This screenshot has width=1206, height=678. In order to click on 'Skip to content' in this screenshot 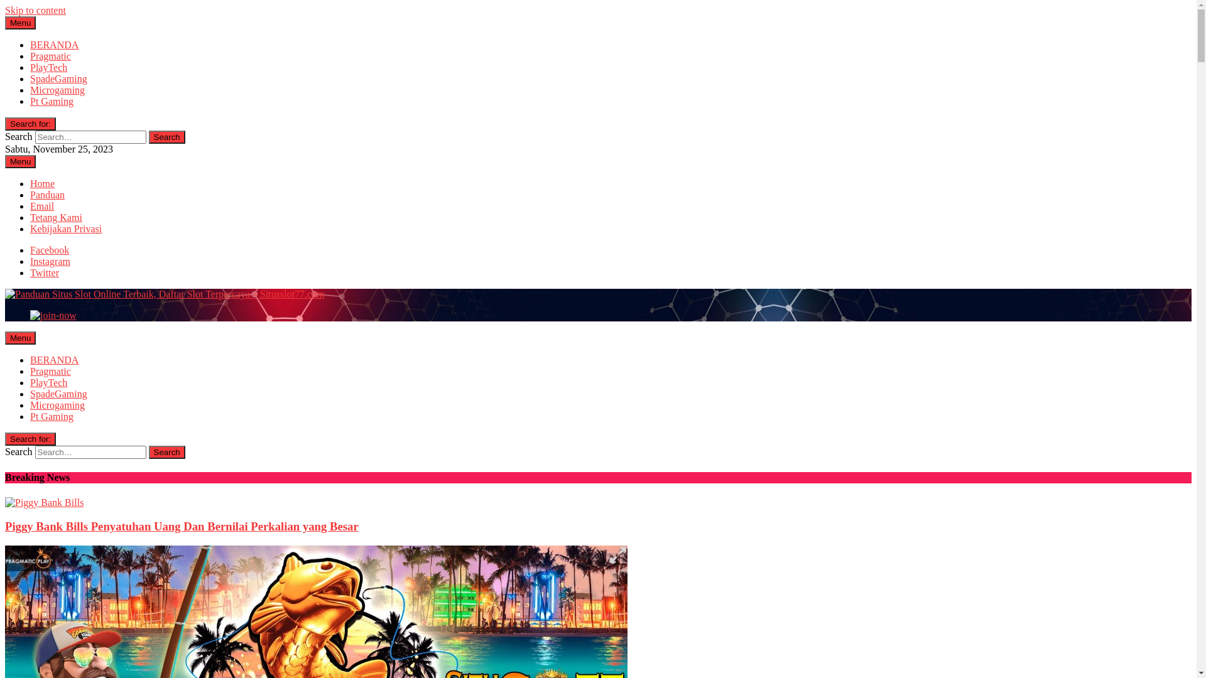, I will do `click(35, 10)`.